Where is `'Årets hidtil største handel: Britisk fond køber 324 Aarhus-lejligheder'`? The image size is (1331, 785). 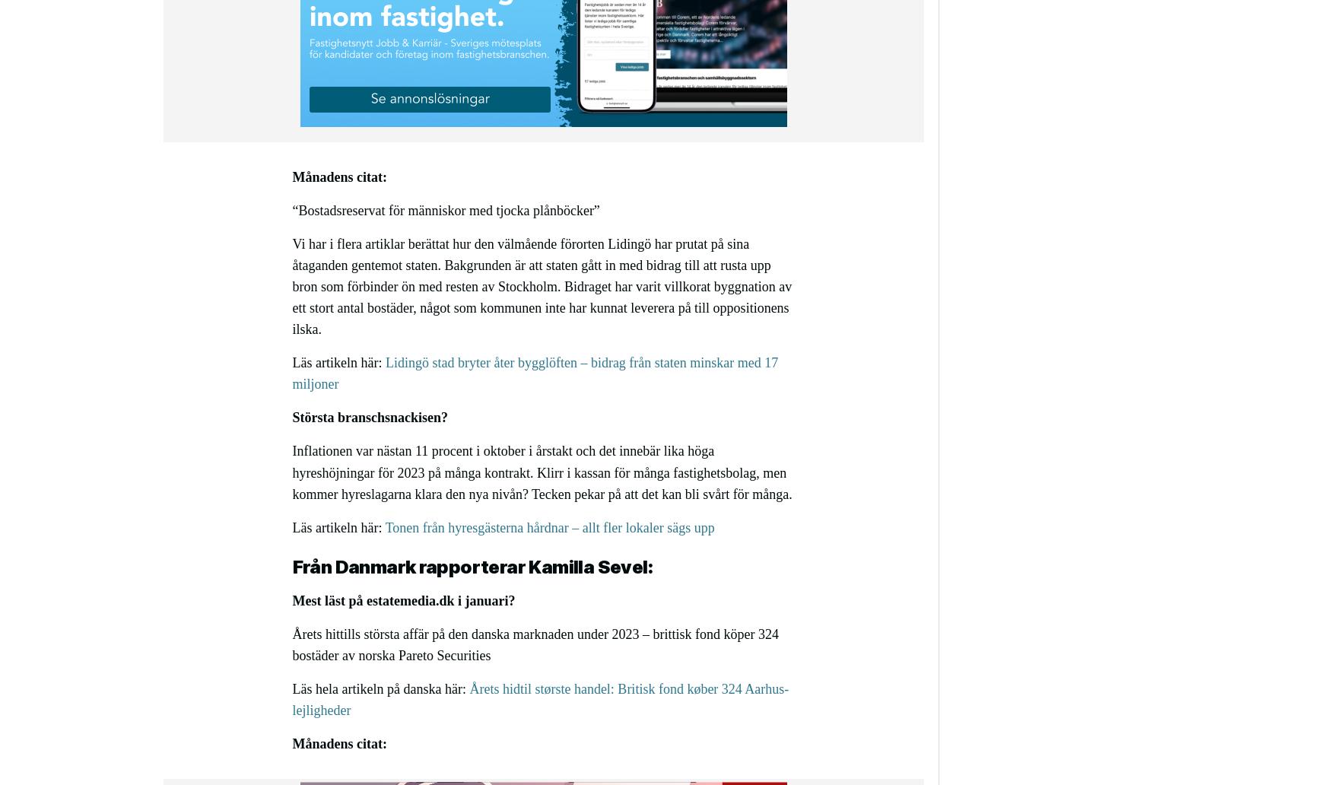
'Årets hidtil største handel: Britisk fond køber 324 Aarhus-lejligheder' is located at coordinates (540, 699).